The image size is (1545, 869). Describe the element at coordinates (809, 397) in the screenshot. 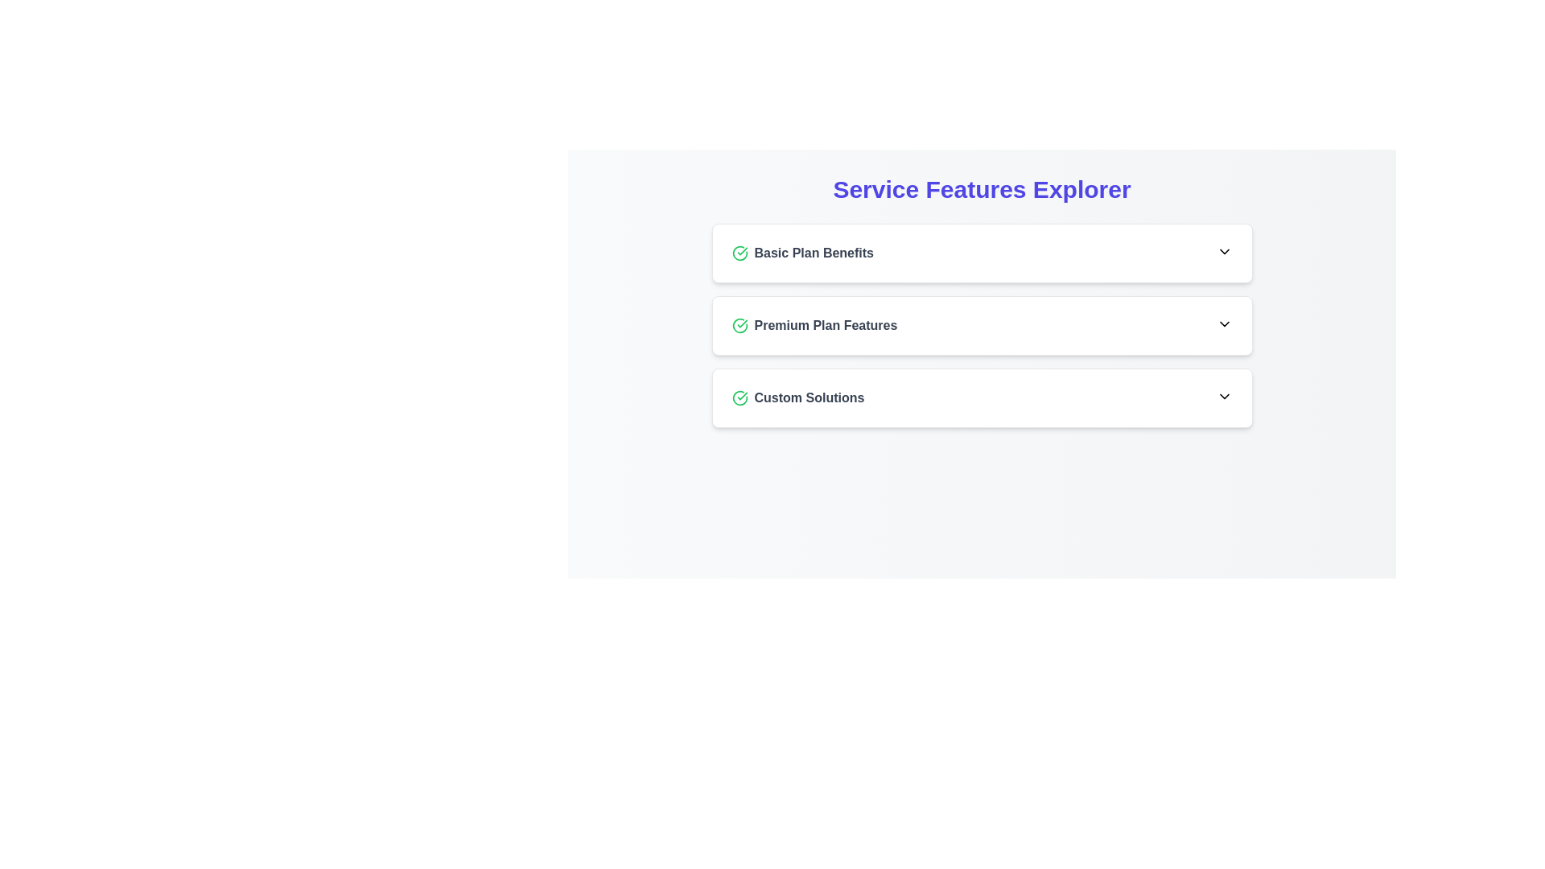

I see `the 'Custom Solutions' text label, which is styled in bold dark gray and located to the right of a green checkmark icon, as the third item in a vertical list` at that location.